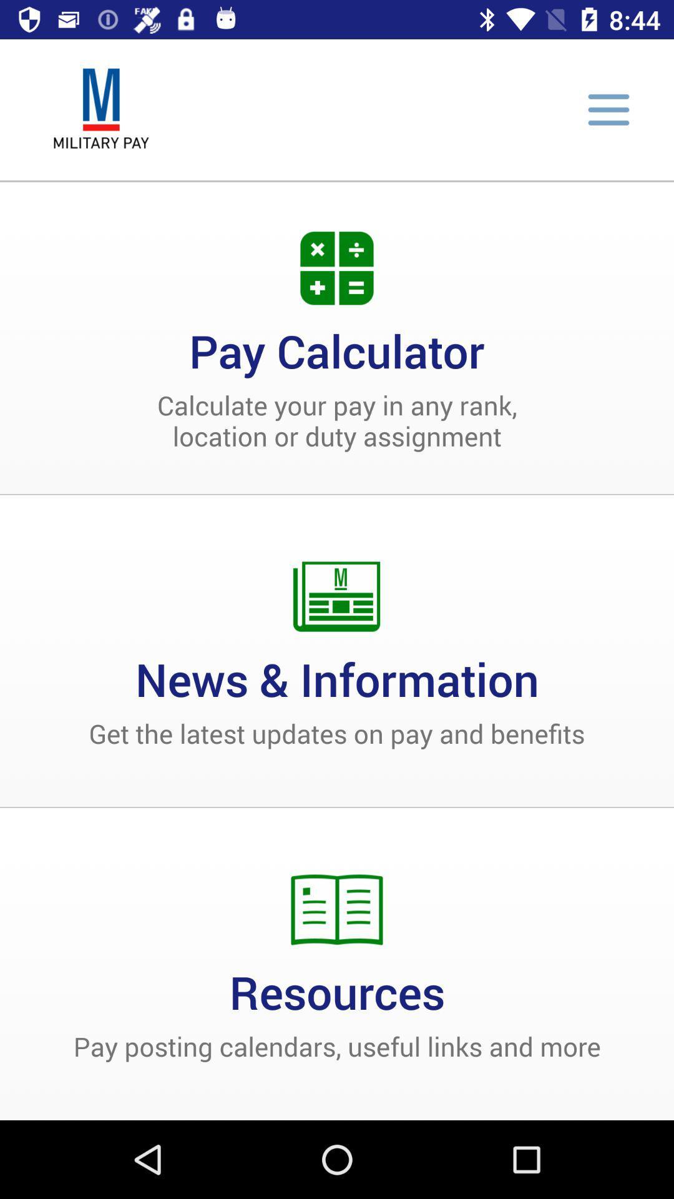 The height and width of the screenshot is (1199, 674). I want to click on settings, so click(608, 109).